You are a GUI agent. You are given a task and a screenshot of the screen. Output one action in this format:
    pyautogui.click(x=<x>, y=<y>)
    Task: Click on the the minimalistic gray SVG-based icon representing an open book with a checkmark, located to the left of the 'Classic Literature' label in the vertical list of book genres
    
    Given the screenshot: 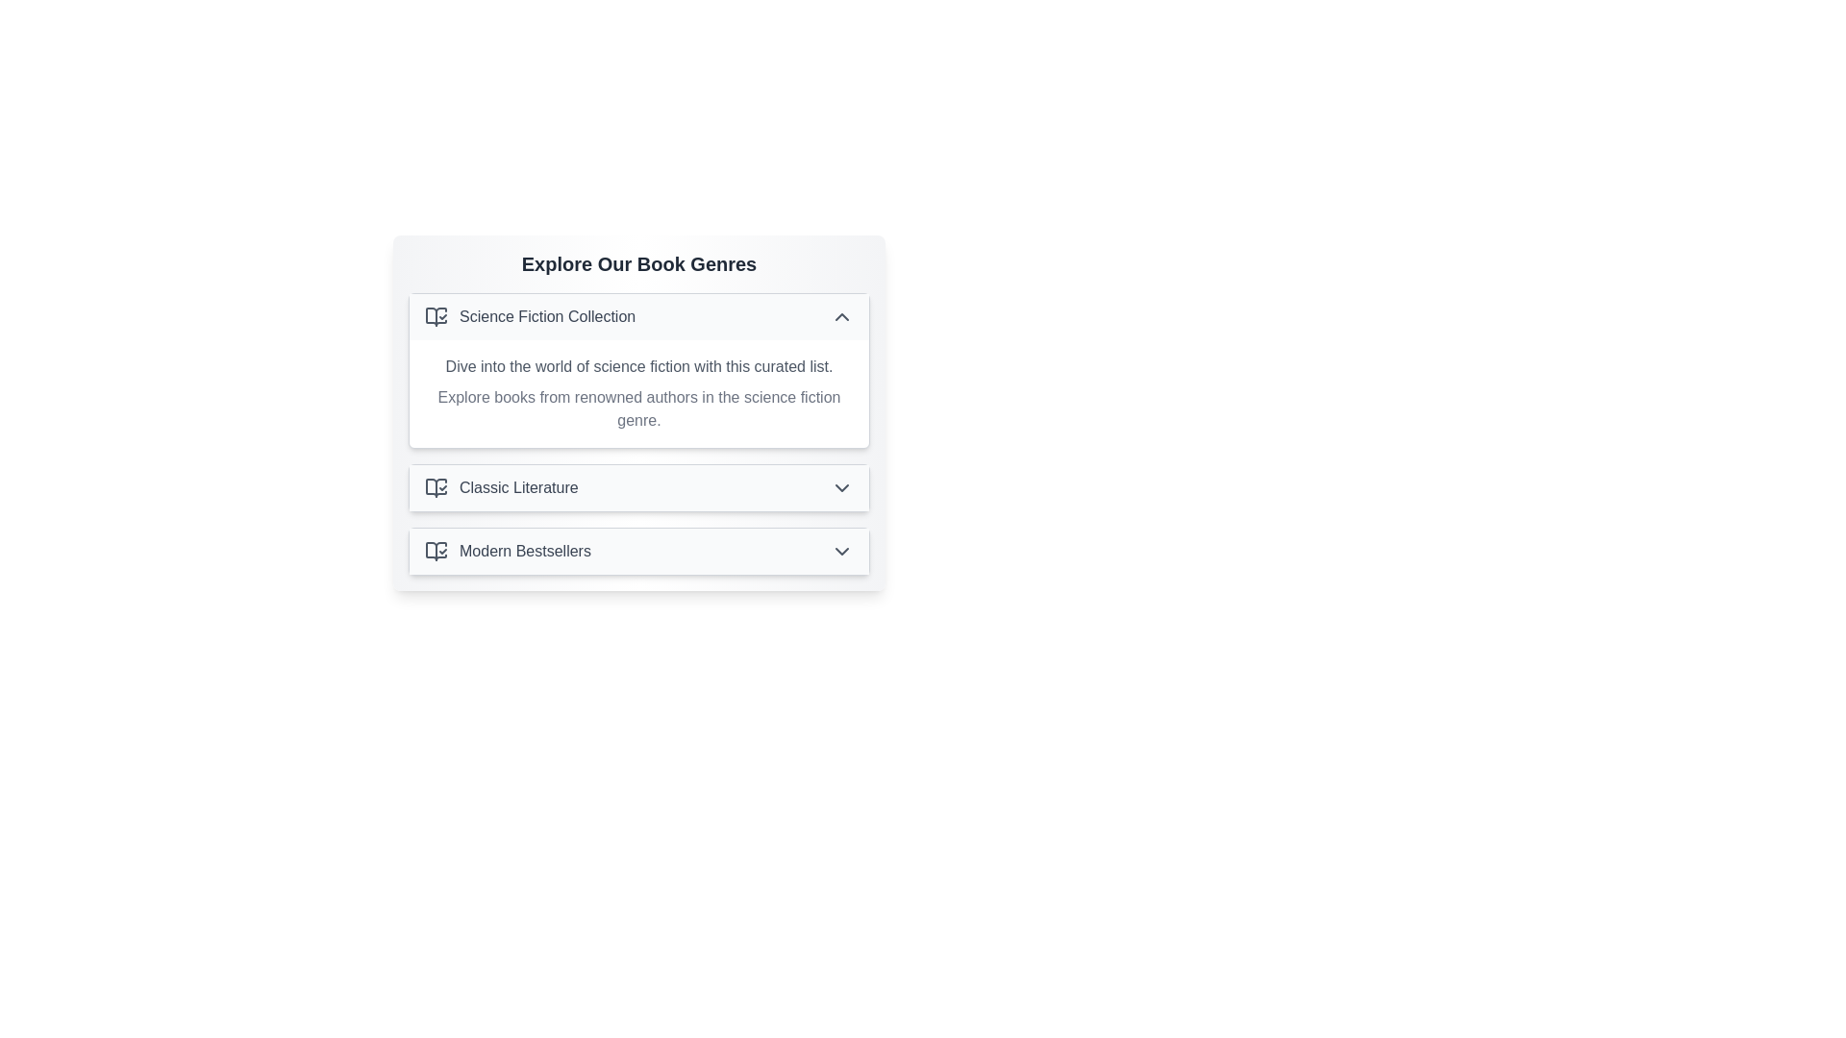 What is the action you would take?
    pyautogui.click(x=436, y=487)
    